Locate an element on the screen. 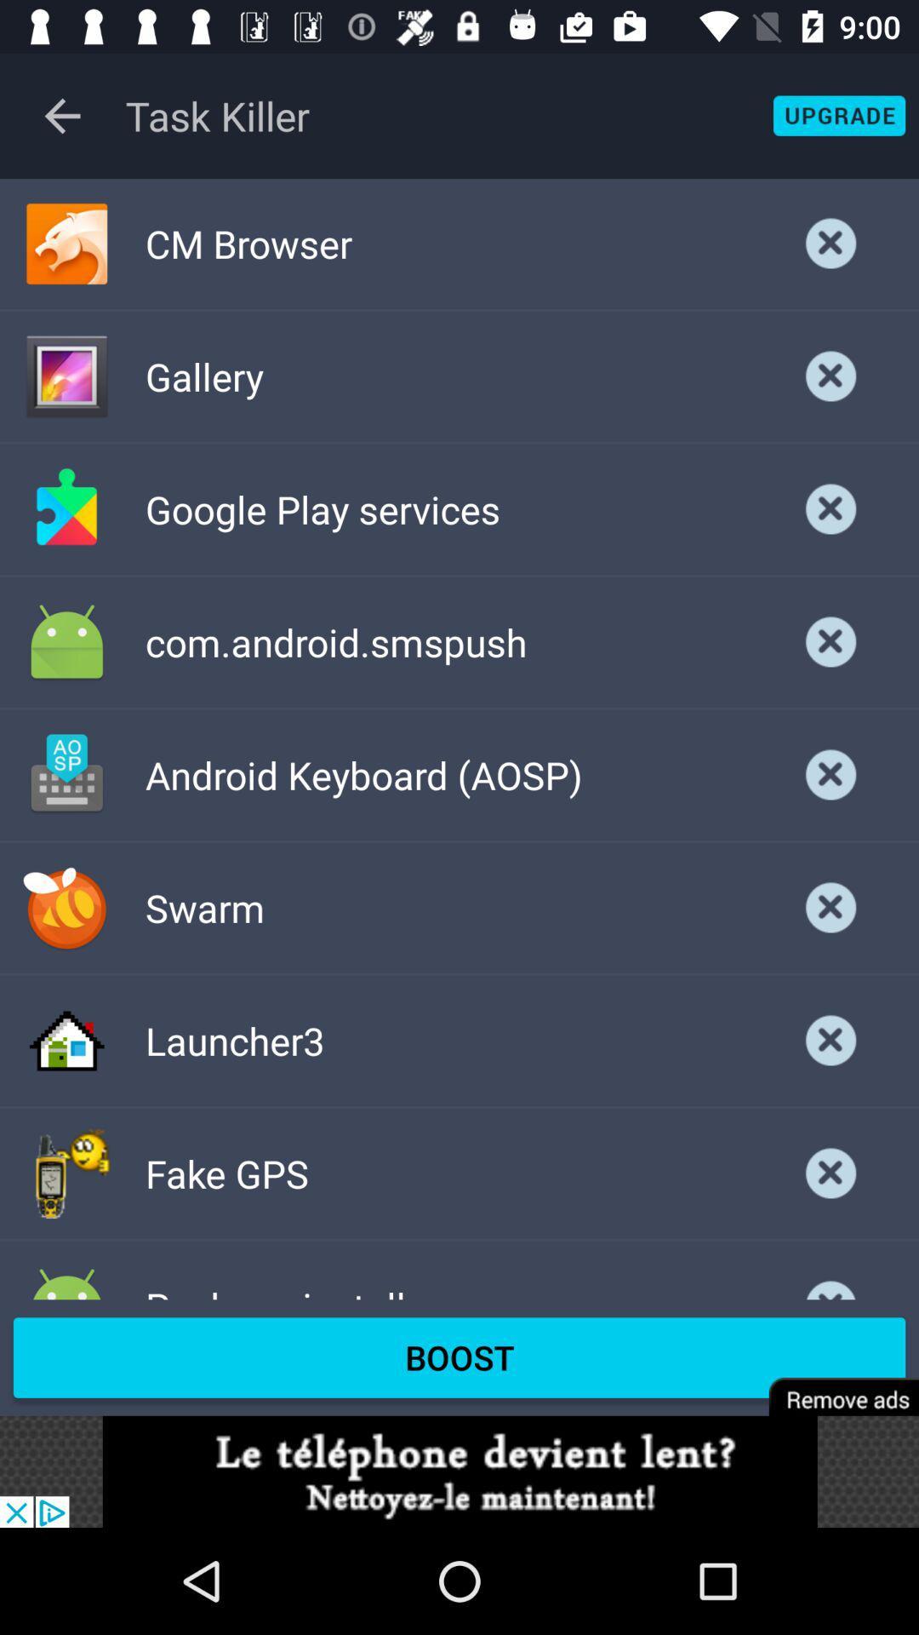 The image size is (919, 1635). the option is located at coordinates (831, 243).